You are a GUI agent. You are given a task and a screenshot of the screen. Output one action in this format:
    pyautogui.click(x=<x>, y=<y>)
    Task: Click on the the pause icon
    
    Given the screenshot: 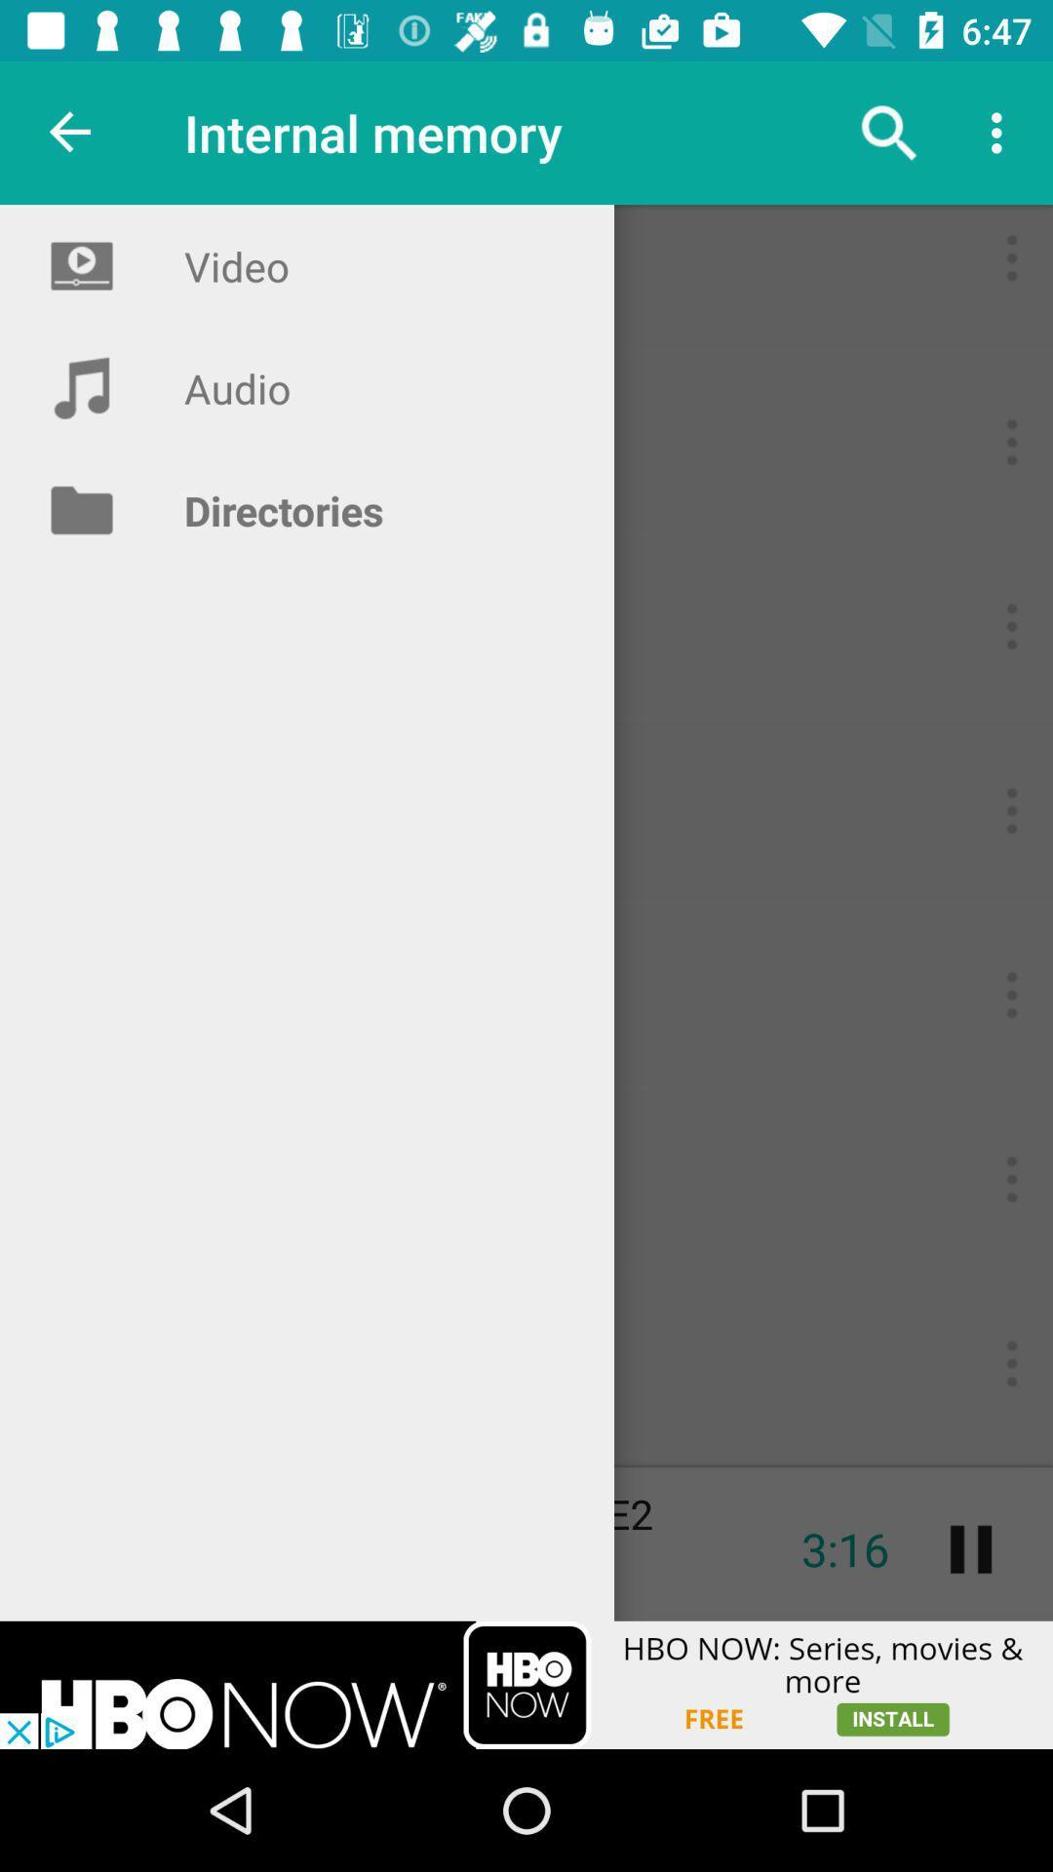 What is the action you would take?
    pyautogui.click(x=970, y=1548)
    